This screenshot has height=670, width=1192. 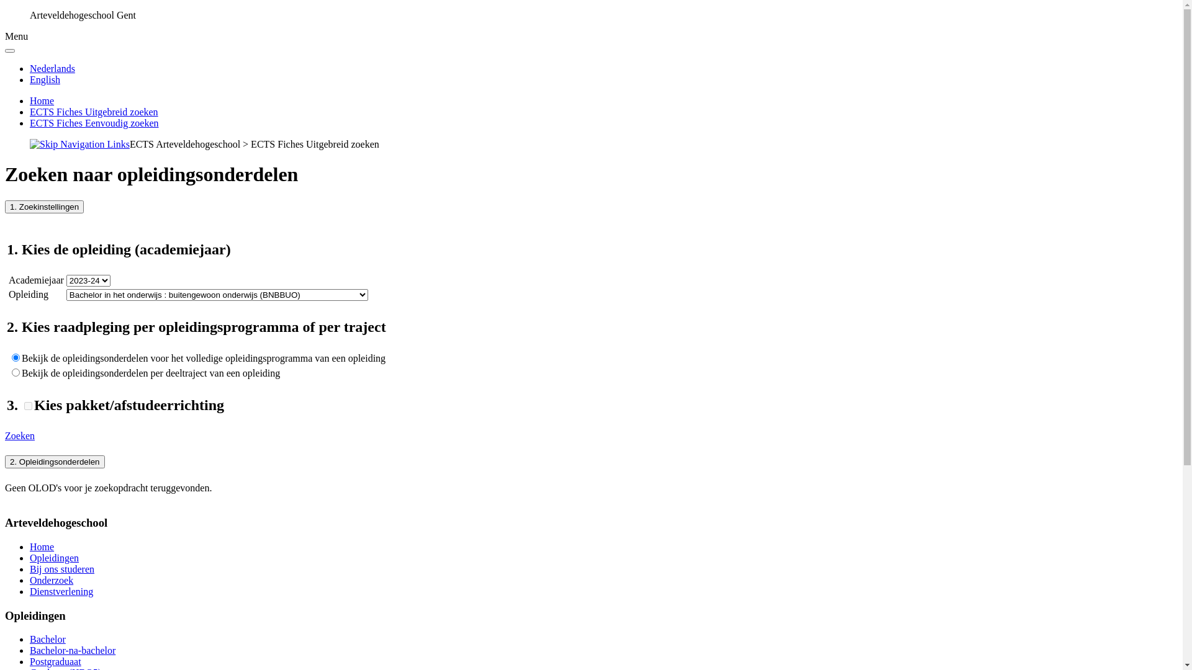 I want to click on 'Opleidingen', so click(x=53, y=557).